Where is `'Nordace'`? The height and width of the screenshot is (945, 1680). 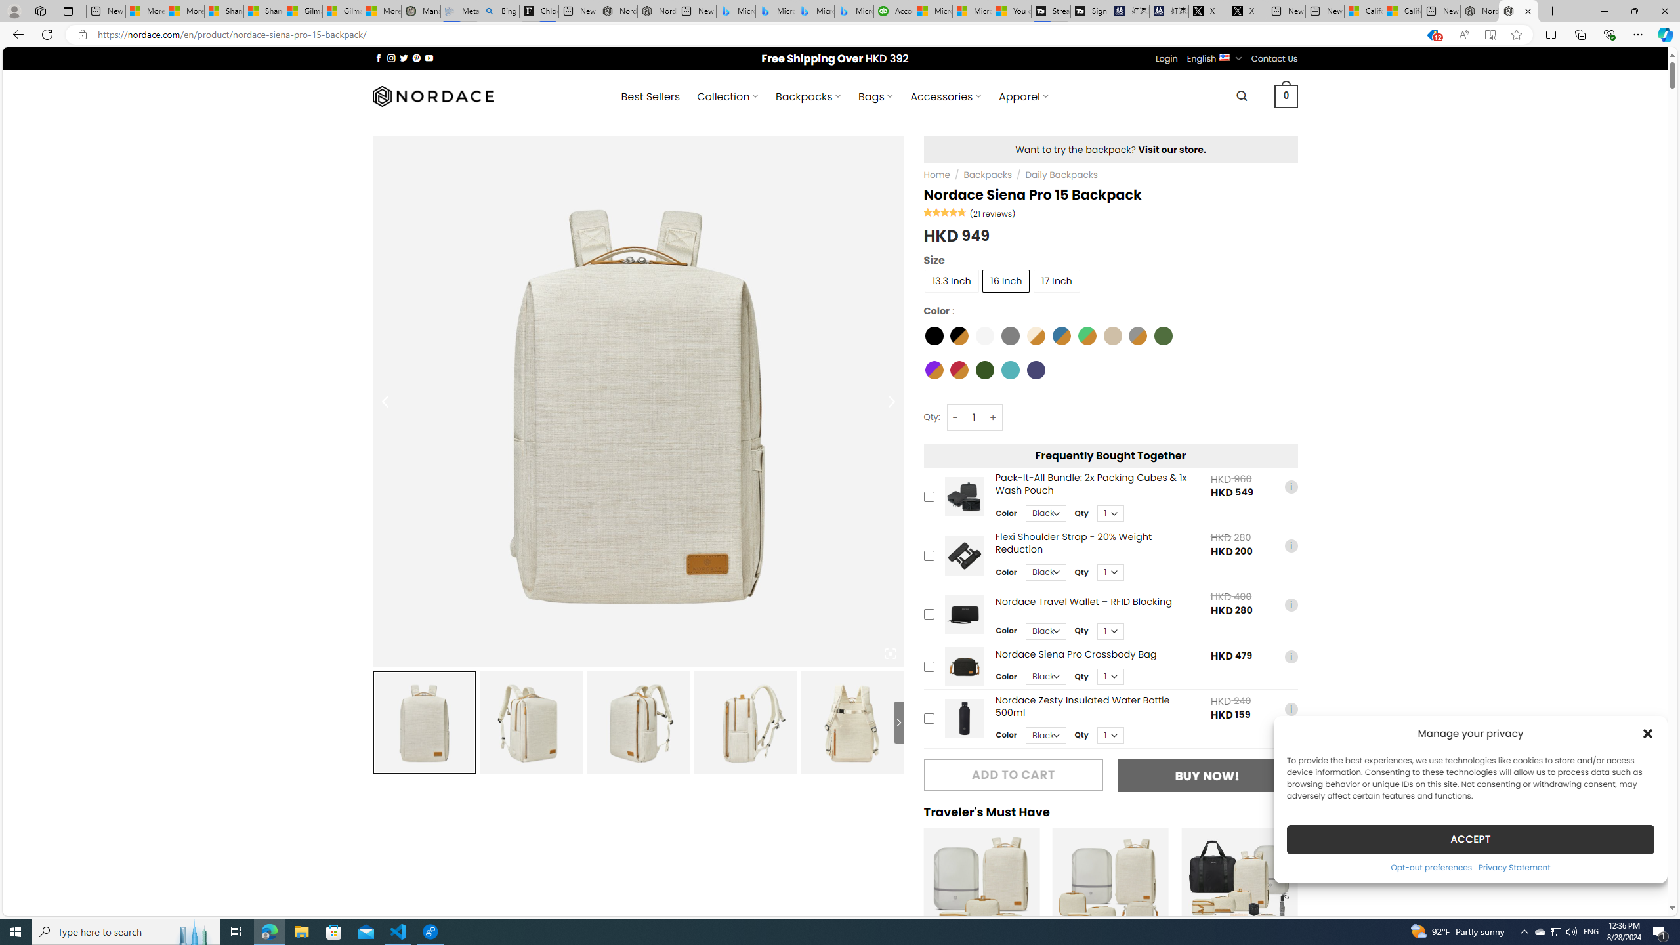 'Nordace' is located at coordinates (432, 95).